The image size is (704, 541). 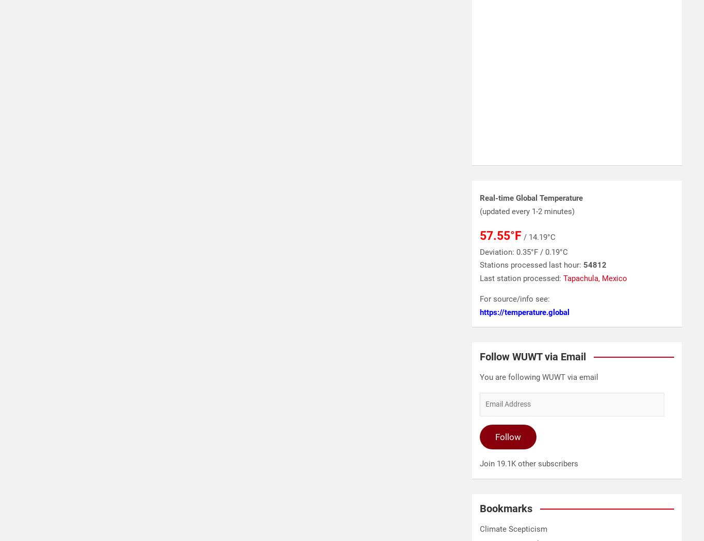 I want to click on 'Follow', so click(x=508, y=437).